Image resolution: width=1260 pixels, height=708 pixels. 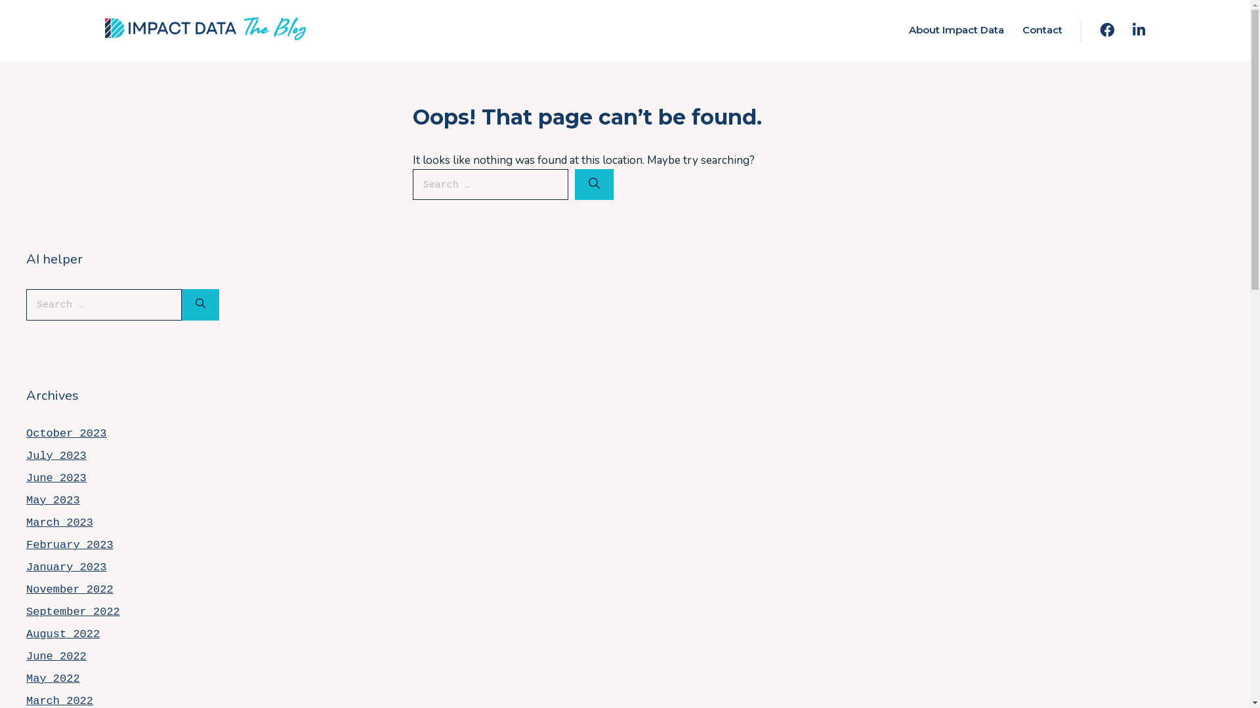 What do you see at coordinates (956, 29) in the screenshot?
I see `'About Impact Data'` at bounding box center [956, 29].